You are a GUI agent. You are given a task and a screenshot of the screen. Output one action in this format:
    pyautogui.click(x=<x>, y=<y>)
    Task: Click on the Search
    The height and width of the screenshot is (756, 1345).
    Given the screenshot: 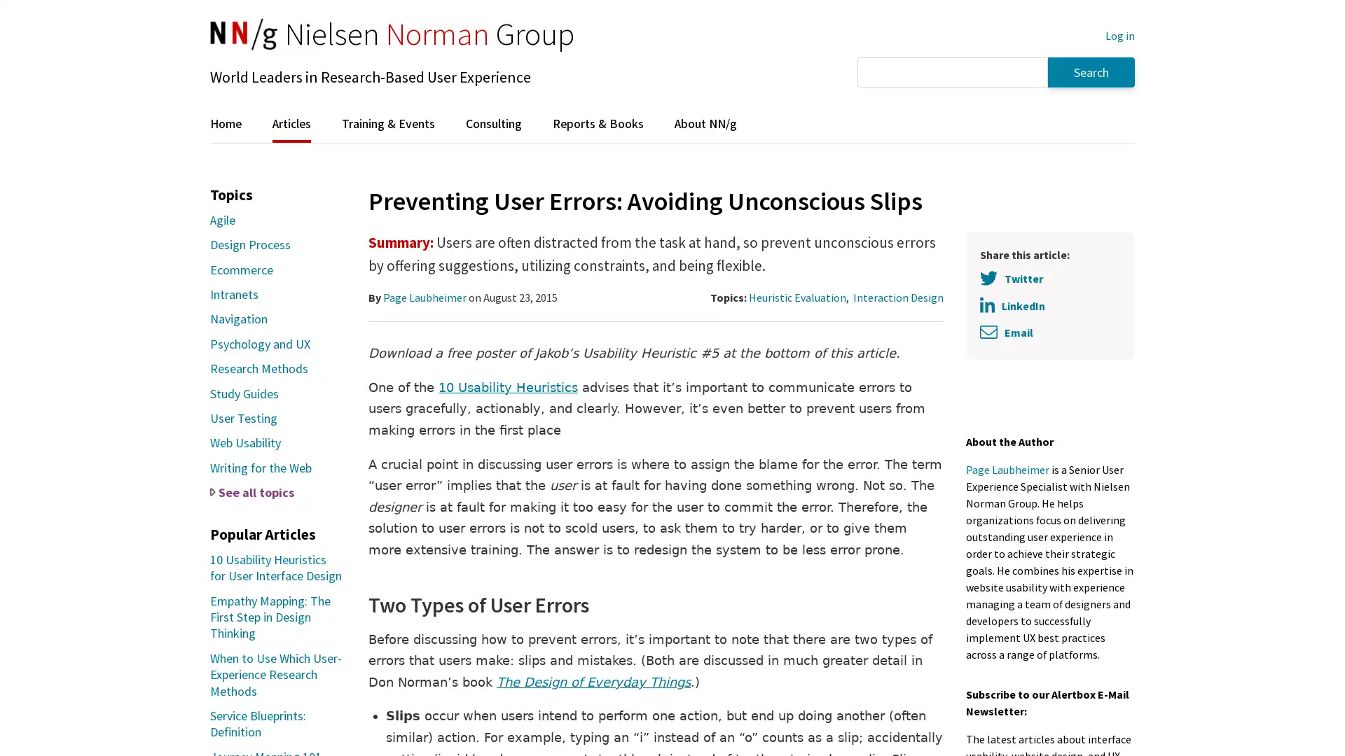 What is the action you would take?
    pyautogui.click(x=1091, y=71)
    